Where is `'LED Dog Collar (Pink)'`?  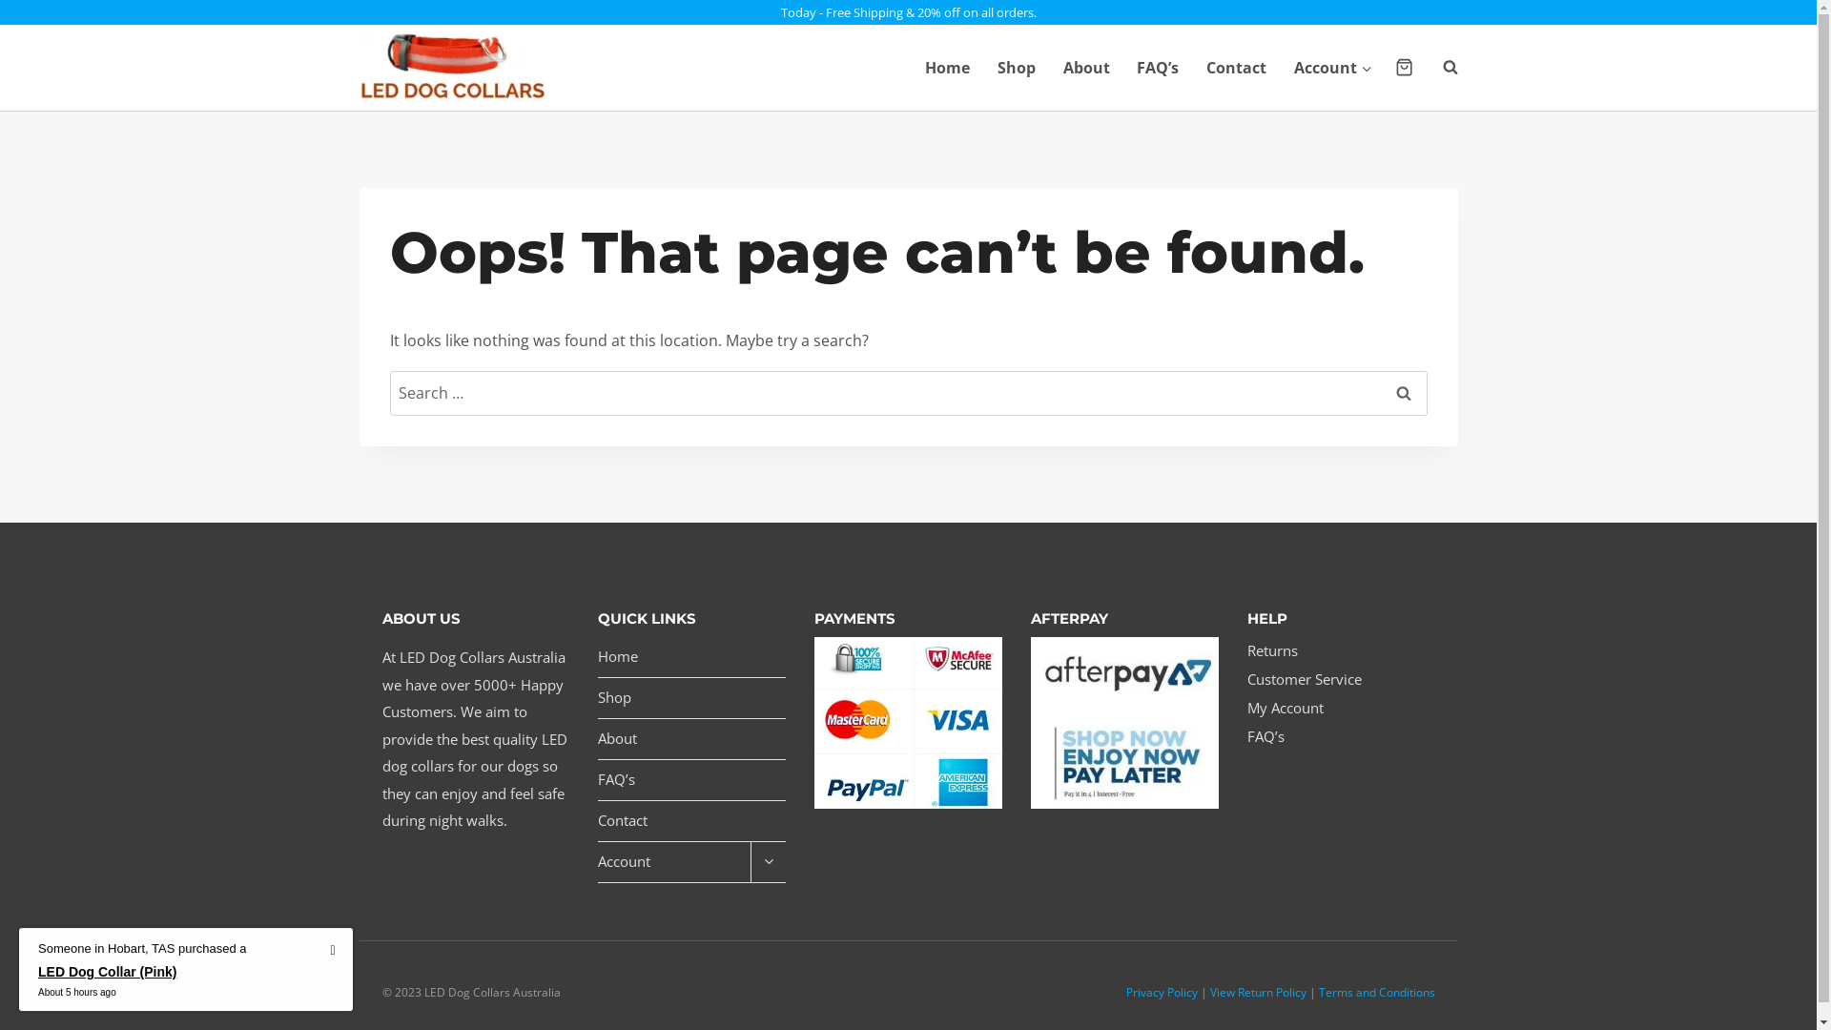 'LED Dog Collar (Pink)' is located at coordinates (140, 980).